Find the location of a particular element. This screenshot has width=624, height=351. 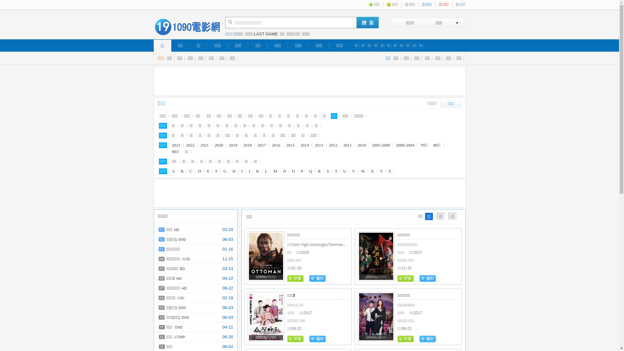

'N' is located at coordinates (284, 171).